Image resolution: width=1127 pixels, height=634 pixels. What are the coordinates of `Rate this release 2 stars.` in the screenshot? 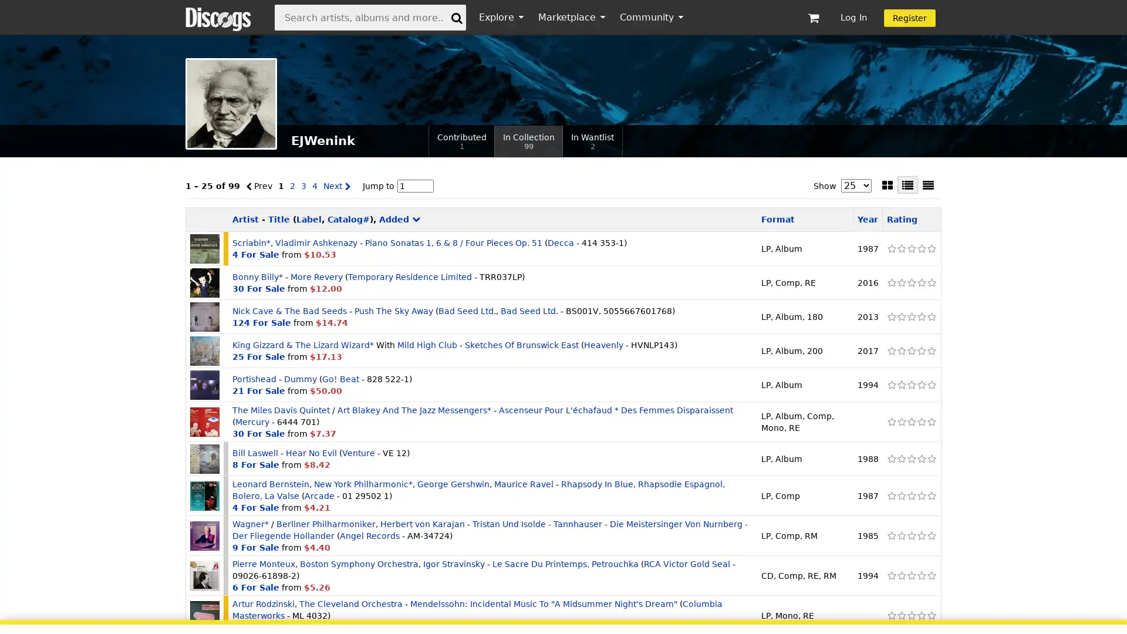 It's located at (900, 575).